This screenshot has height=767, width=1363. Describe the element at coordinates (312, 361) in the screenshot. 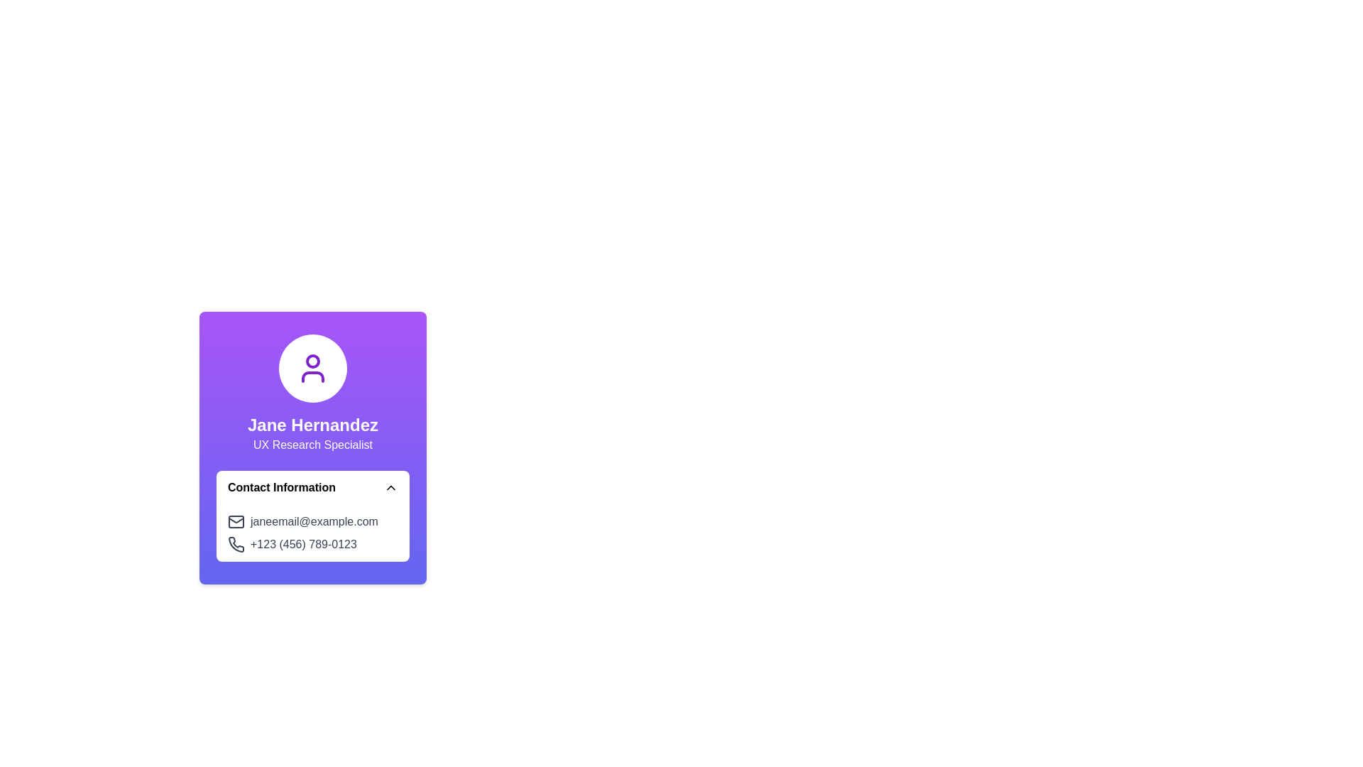

I see `the circular shape representing the head of the user profile icon located at the top of the purple card` at that location.